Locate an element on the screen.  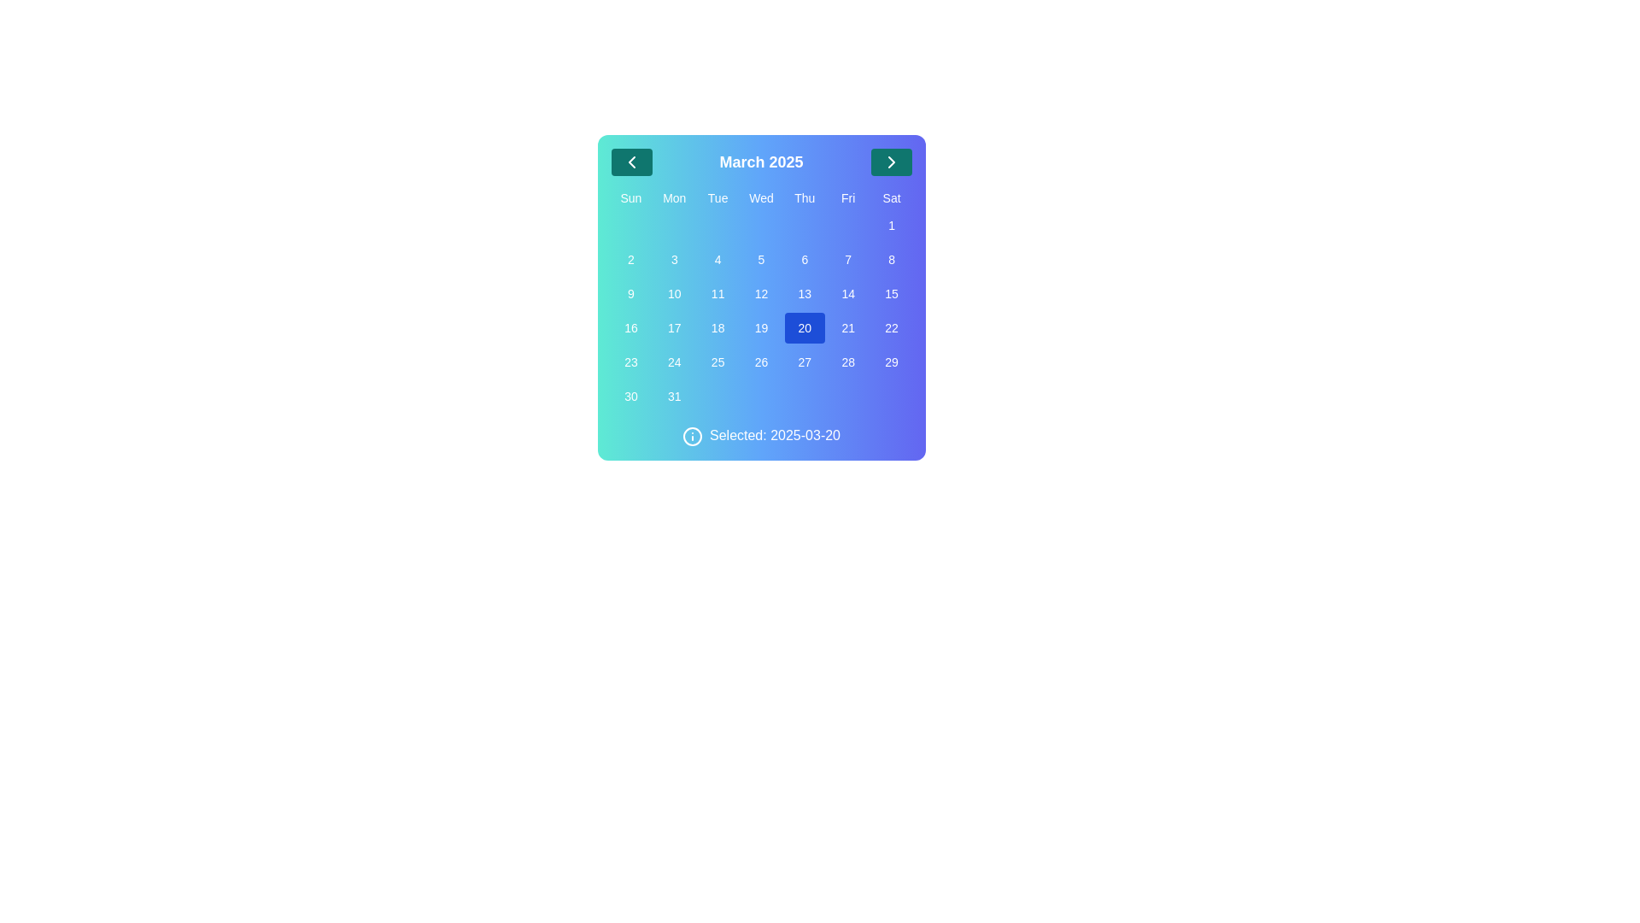
the button representing the date March 3, 2025, located in the second column under 'Mon' in the March 2025 calendar is located at coordinates (673, 260).